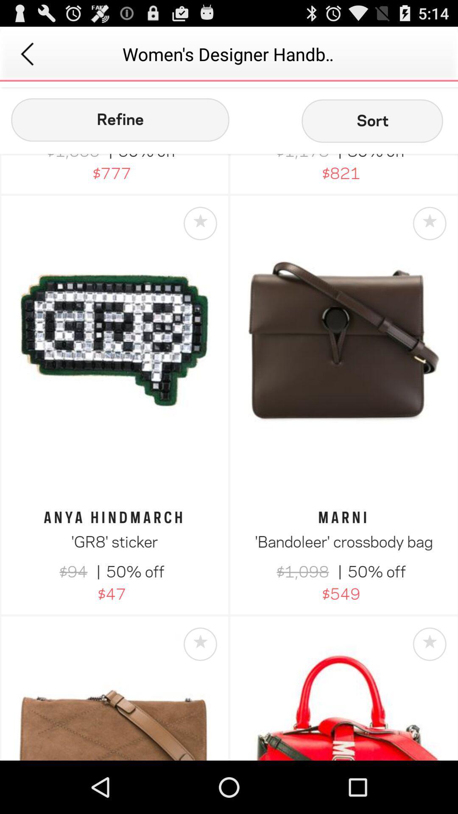 The image size is (458, 814). I want to click on the arrow_backward icon, so click(27, 57).